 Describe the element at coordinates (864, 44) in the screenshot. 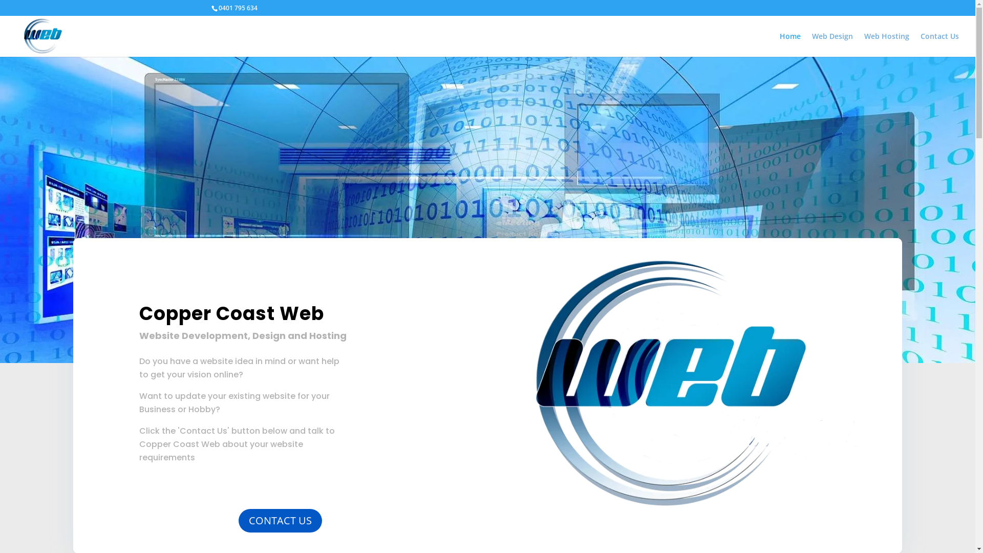

I see `'Web Hosting'` at that location.